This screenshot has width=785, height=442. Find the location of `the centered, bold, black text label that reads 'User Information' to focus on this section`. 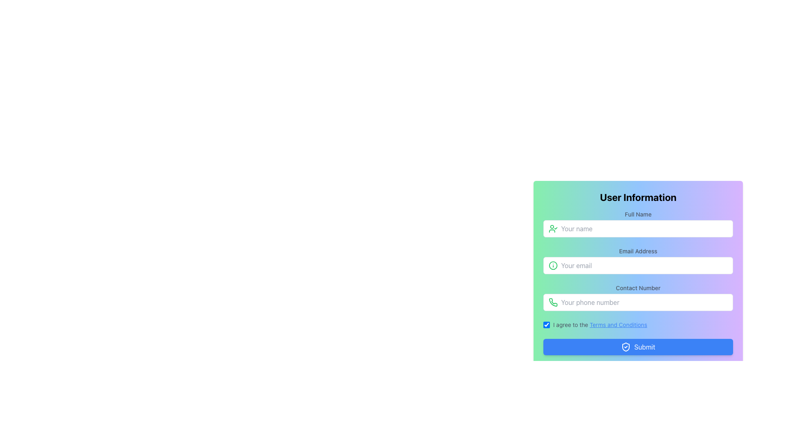

the centered, bold, black text label that reads 'User Information' to focus on this section is located at coordinates (637, 197).